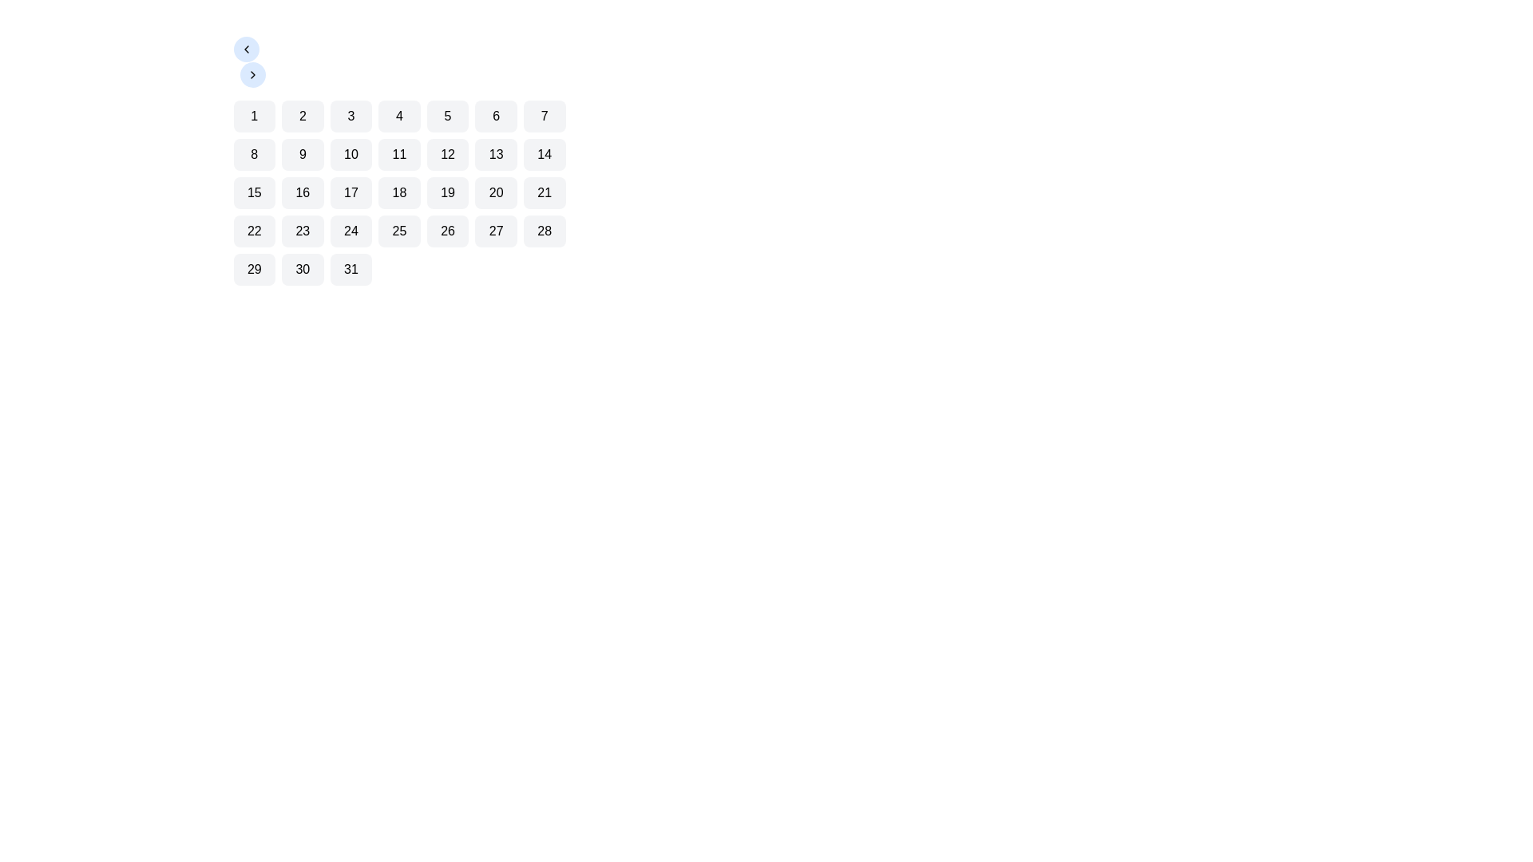  Describe the element at coordinates (495, 231) in the screenshot. I see `the button displaying the number '27' which is styled with a light gray background and black text, located in the fourth row and sixth column of the grid layout` at that location.